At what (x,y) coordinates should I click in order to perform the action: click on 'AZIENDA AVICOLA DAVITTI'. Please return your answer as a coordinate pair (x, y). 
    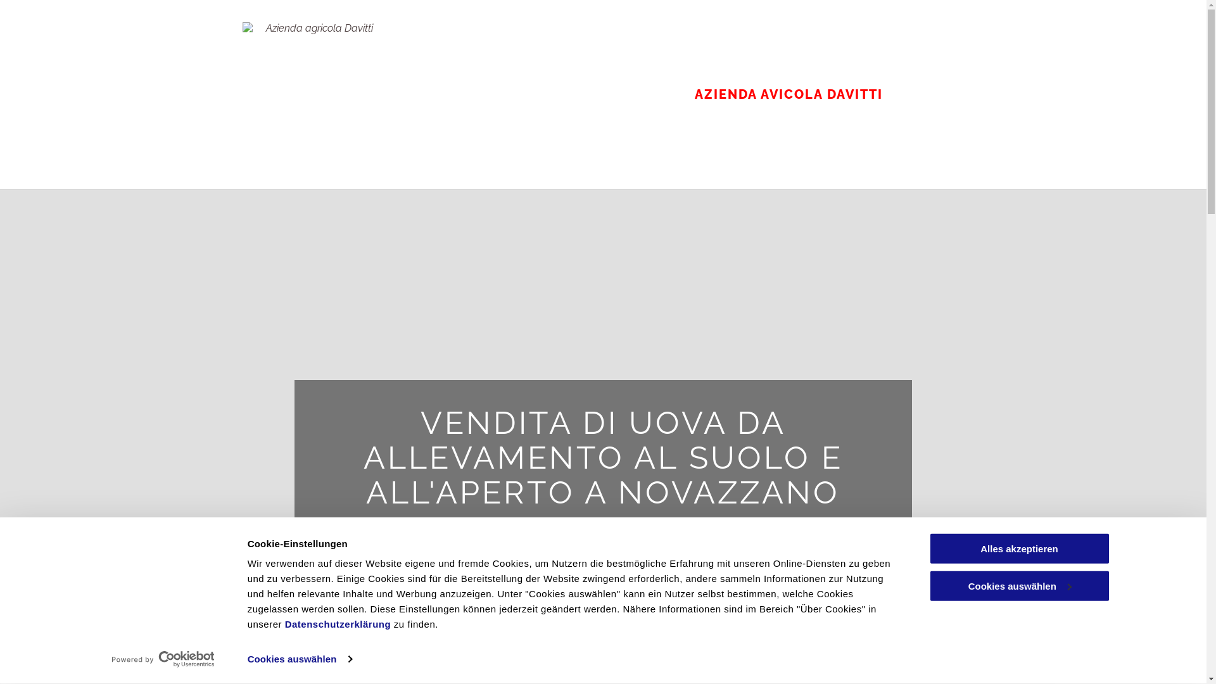
    Looking at the image, I should click on (787, 94).